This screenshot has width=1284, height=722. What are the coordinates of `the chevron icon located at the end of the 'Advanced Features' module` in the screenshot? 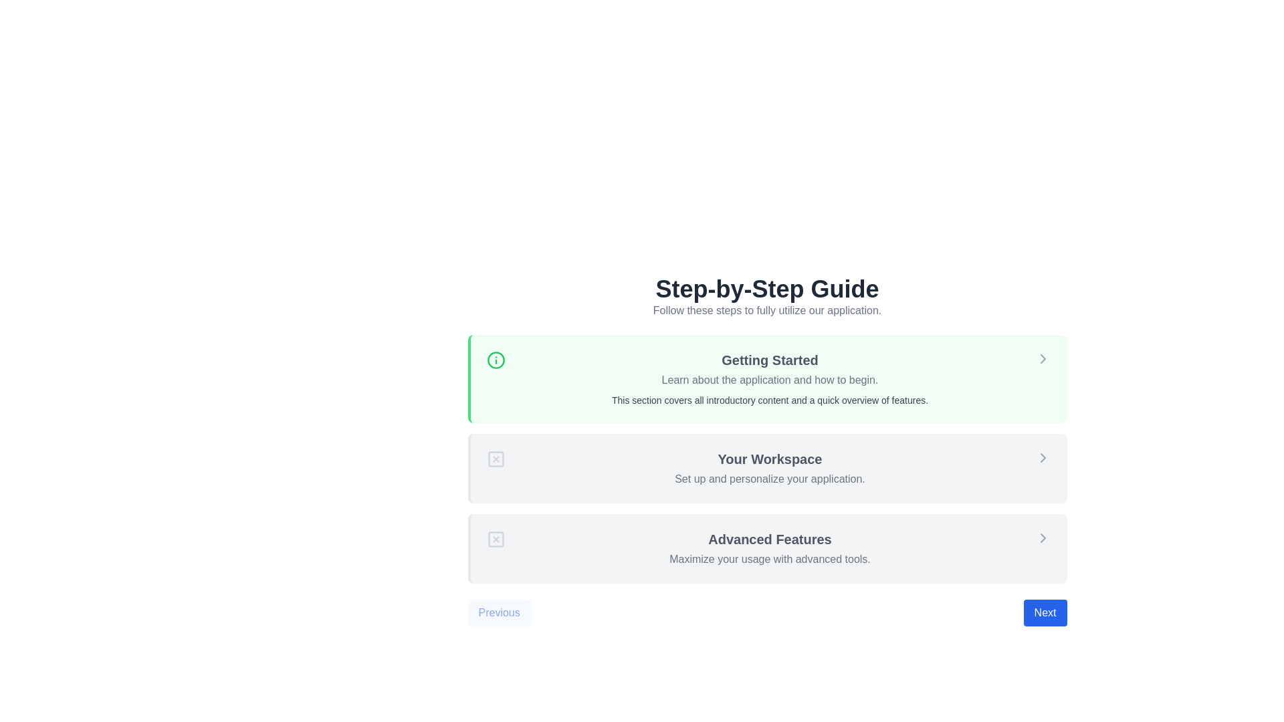 It's located at (1042, 537).